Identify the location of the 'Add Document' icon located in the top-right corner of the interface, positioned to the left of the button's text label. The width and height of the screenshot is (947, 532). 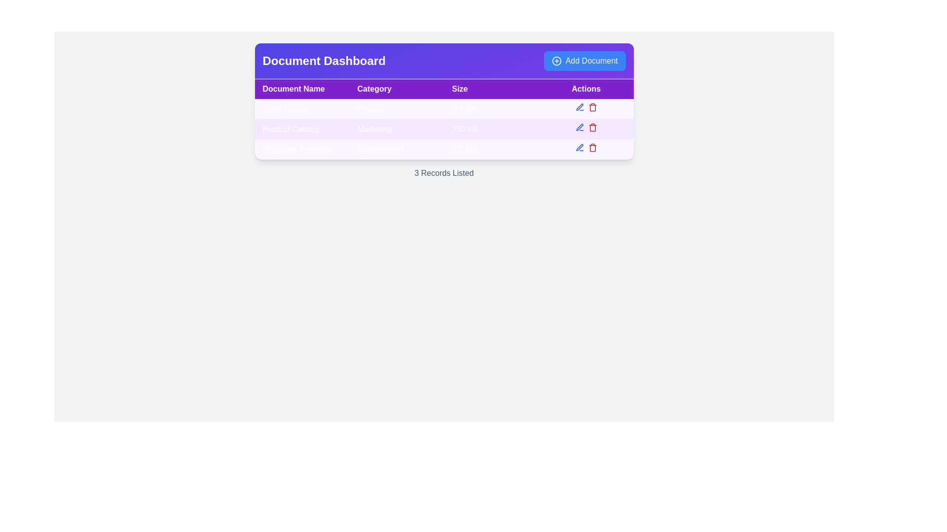
(556, 61).